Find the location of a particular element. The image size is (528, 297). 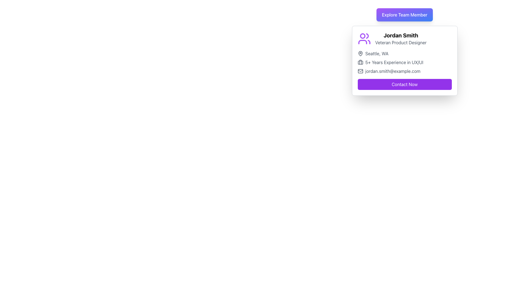

the text element that provides the professional title or job designation of the person described in the card, located beneath the text 'Jordan Smith' is located at coordinates (401, 42).